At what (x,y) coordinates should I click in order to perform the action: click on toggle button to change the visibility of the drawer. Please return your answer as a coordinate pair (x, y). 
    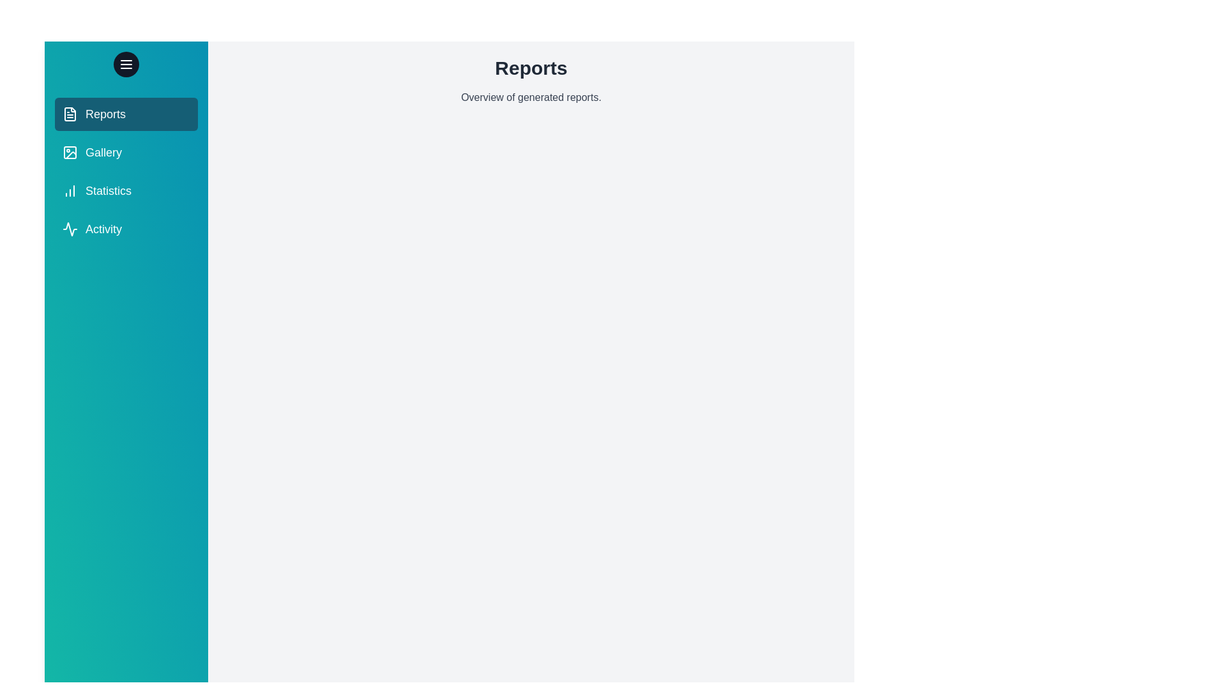
    Looking at the image, I should click on (126, 64).